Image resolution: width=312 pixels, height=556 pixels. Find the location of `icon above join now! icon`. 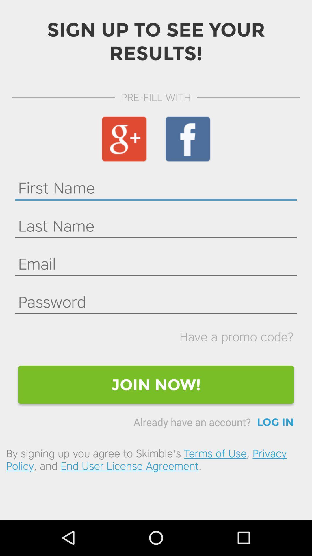

icon above join now! icon is located at coordinates (237, 336).